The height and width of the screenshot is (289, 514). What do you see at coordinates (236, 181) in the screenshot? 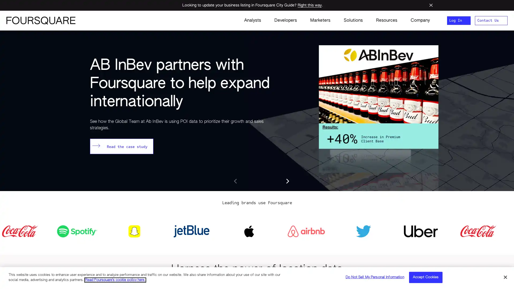
I see `Previous` at bounding box center [236, 181].